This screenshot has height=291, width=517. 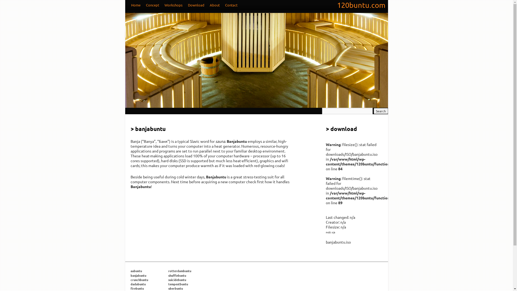 I want to click on 'Download', so click(x=196, y=5).